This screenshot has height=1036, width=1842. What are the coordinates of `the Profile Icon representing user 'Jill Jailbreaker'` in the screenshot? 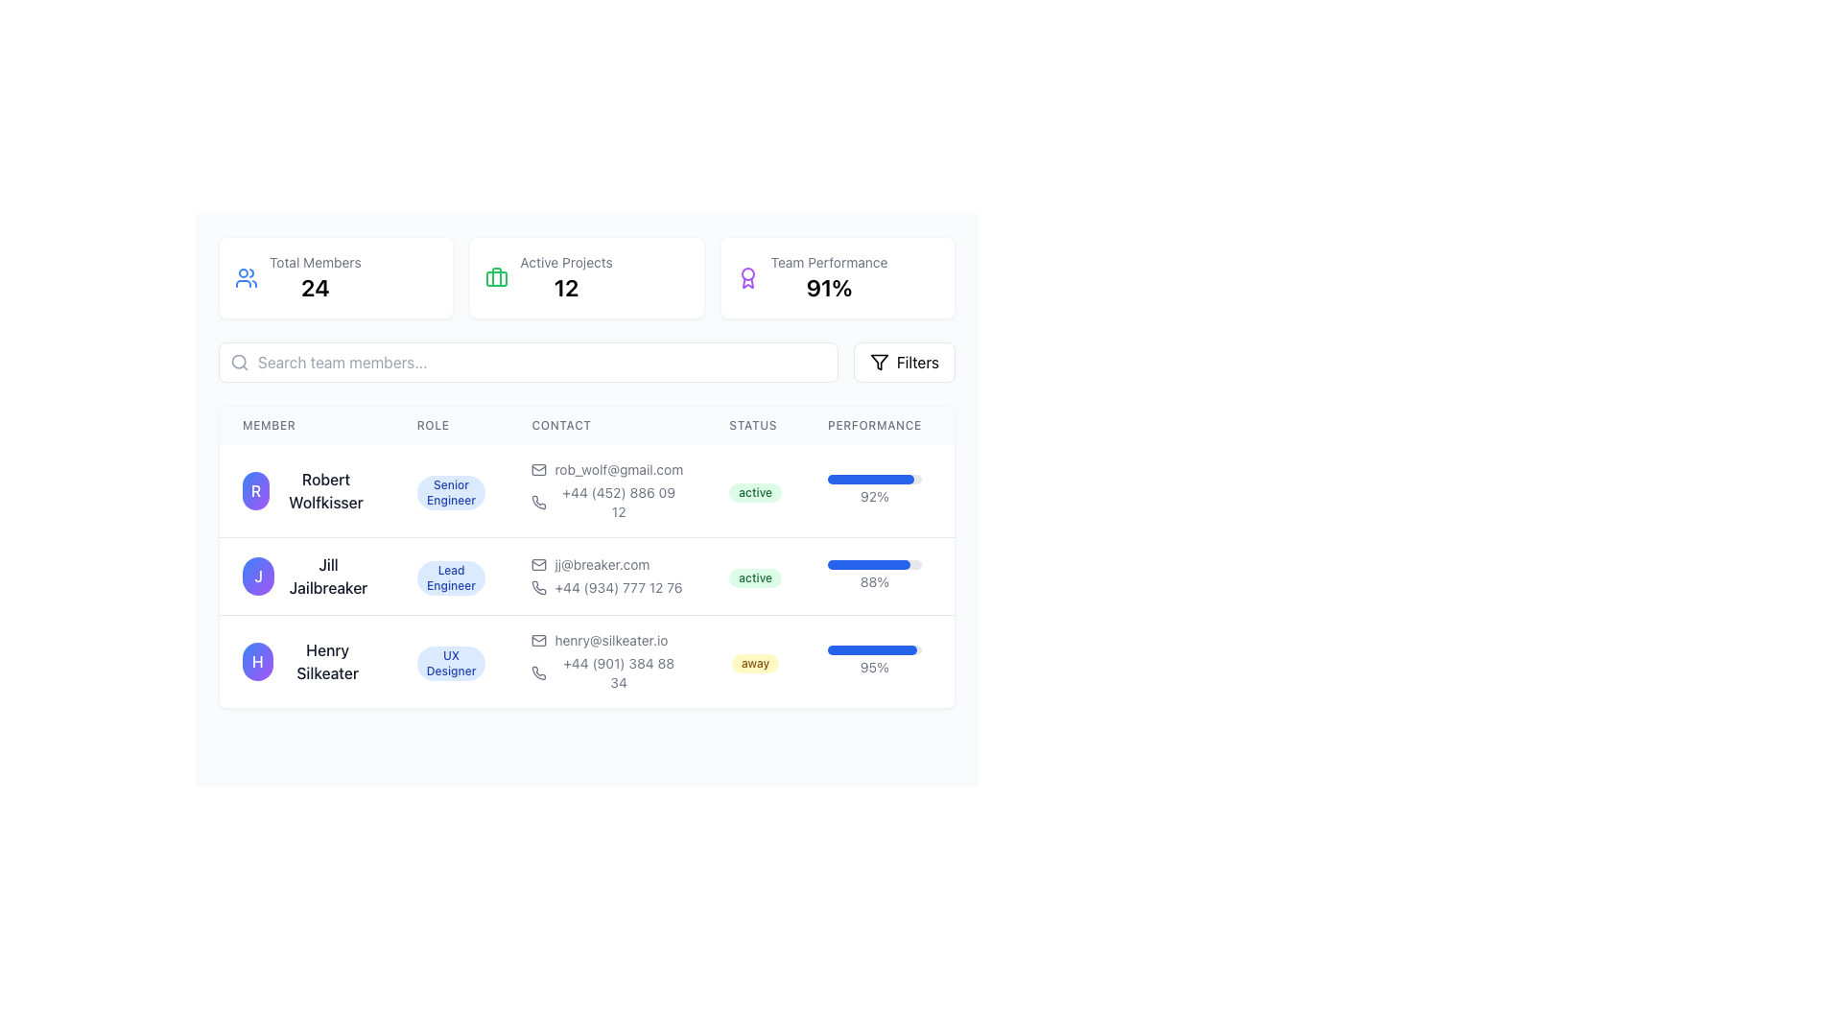 It's located at (257, 576).